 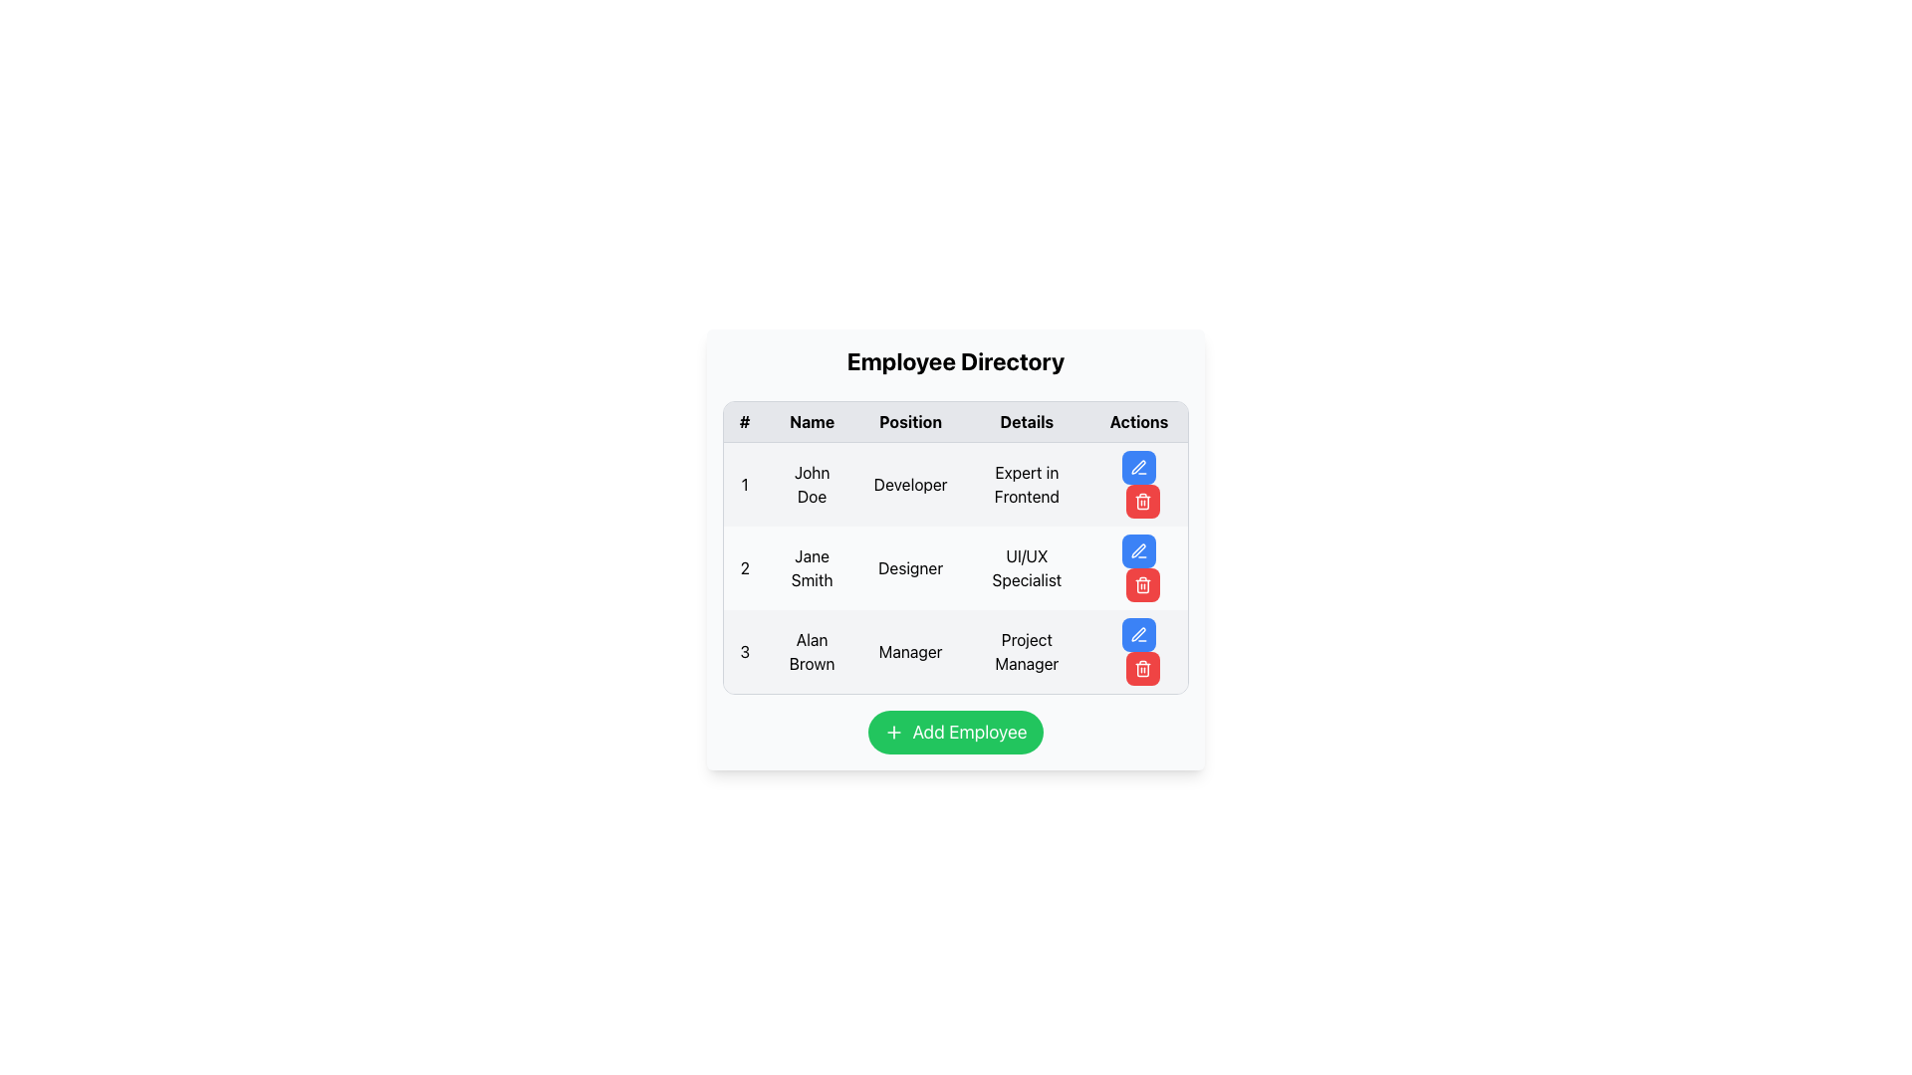 I want to click on the text label displaying 'Jane Smith' in the employee directory, located in the second row under the 'Name' column, so click(x=812, y=567).